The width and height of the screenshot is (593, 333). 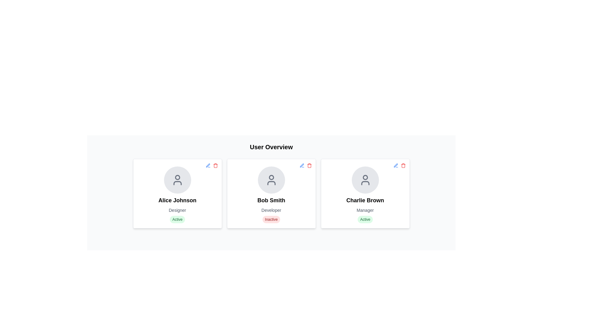 I want to click on text details of the user information card positioned centrally in the user management interface, which displays the user's name, role, and status, so click(x=271, y=193).